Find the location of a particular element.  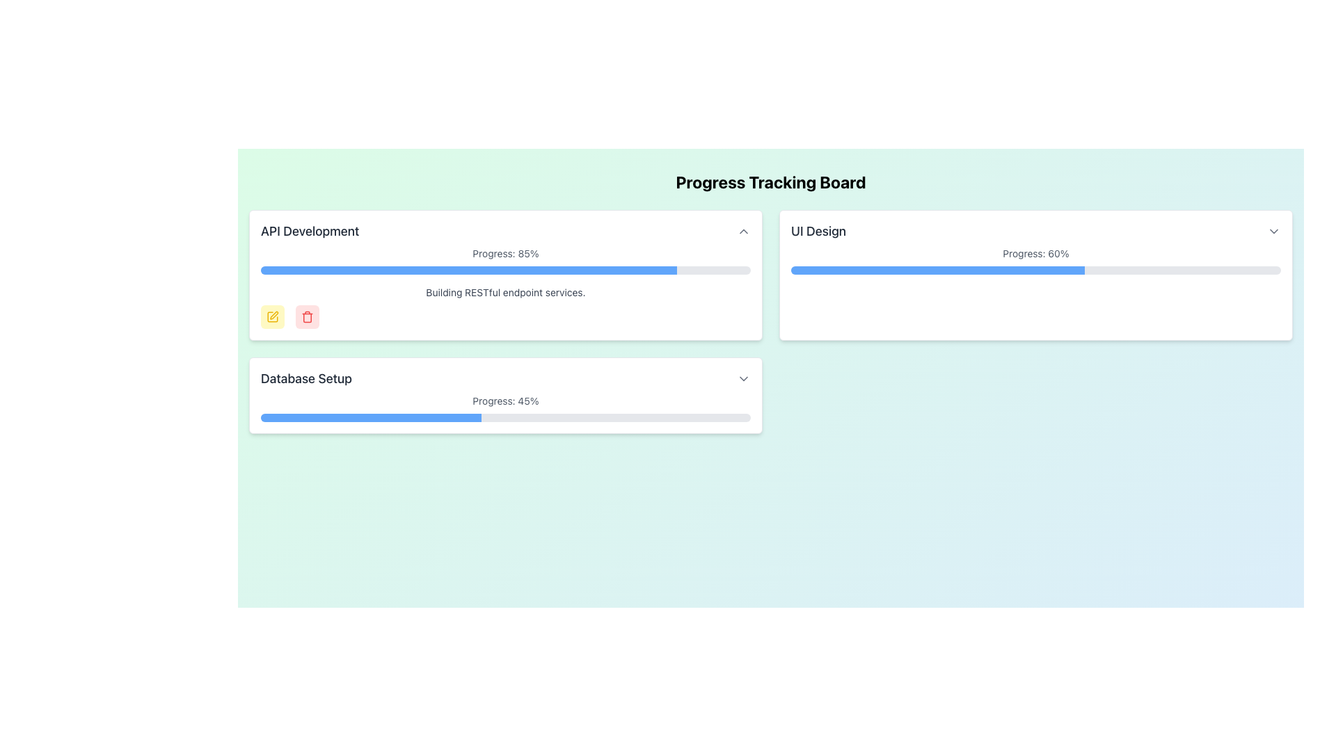

the progress bar is located at coordinates (472, 417).